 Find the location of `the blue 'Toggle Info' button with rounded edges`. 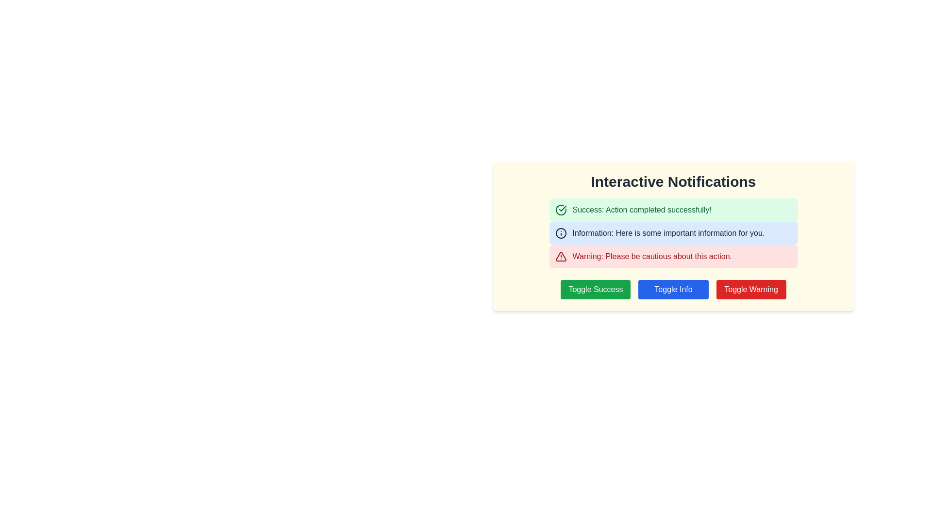

the blue 'Toggle Info' button with rounded edges is located at coordinates (673, 289).